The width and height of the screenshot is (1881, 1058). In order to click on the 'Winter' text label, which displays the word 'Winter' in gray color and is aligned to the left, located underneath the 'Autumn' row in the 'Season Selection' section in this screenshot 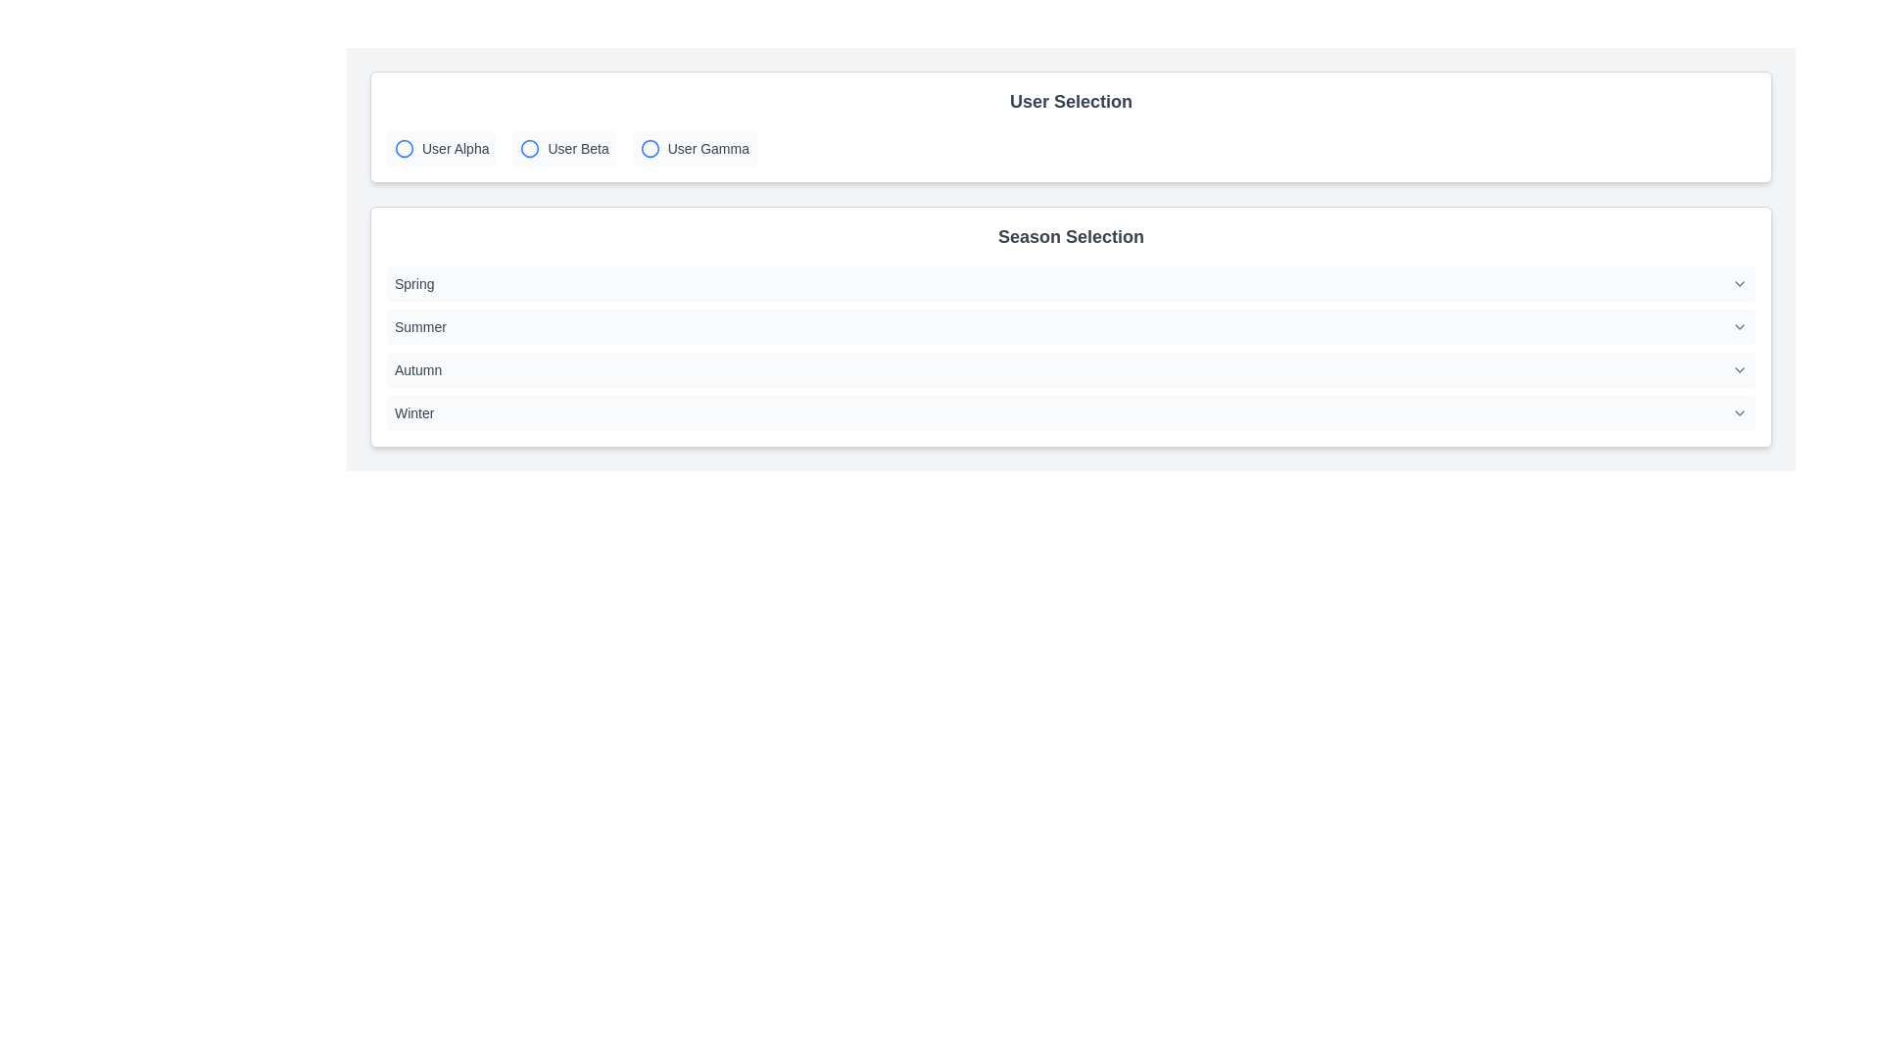, I will do `click(413, 411)`.